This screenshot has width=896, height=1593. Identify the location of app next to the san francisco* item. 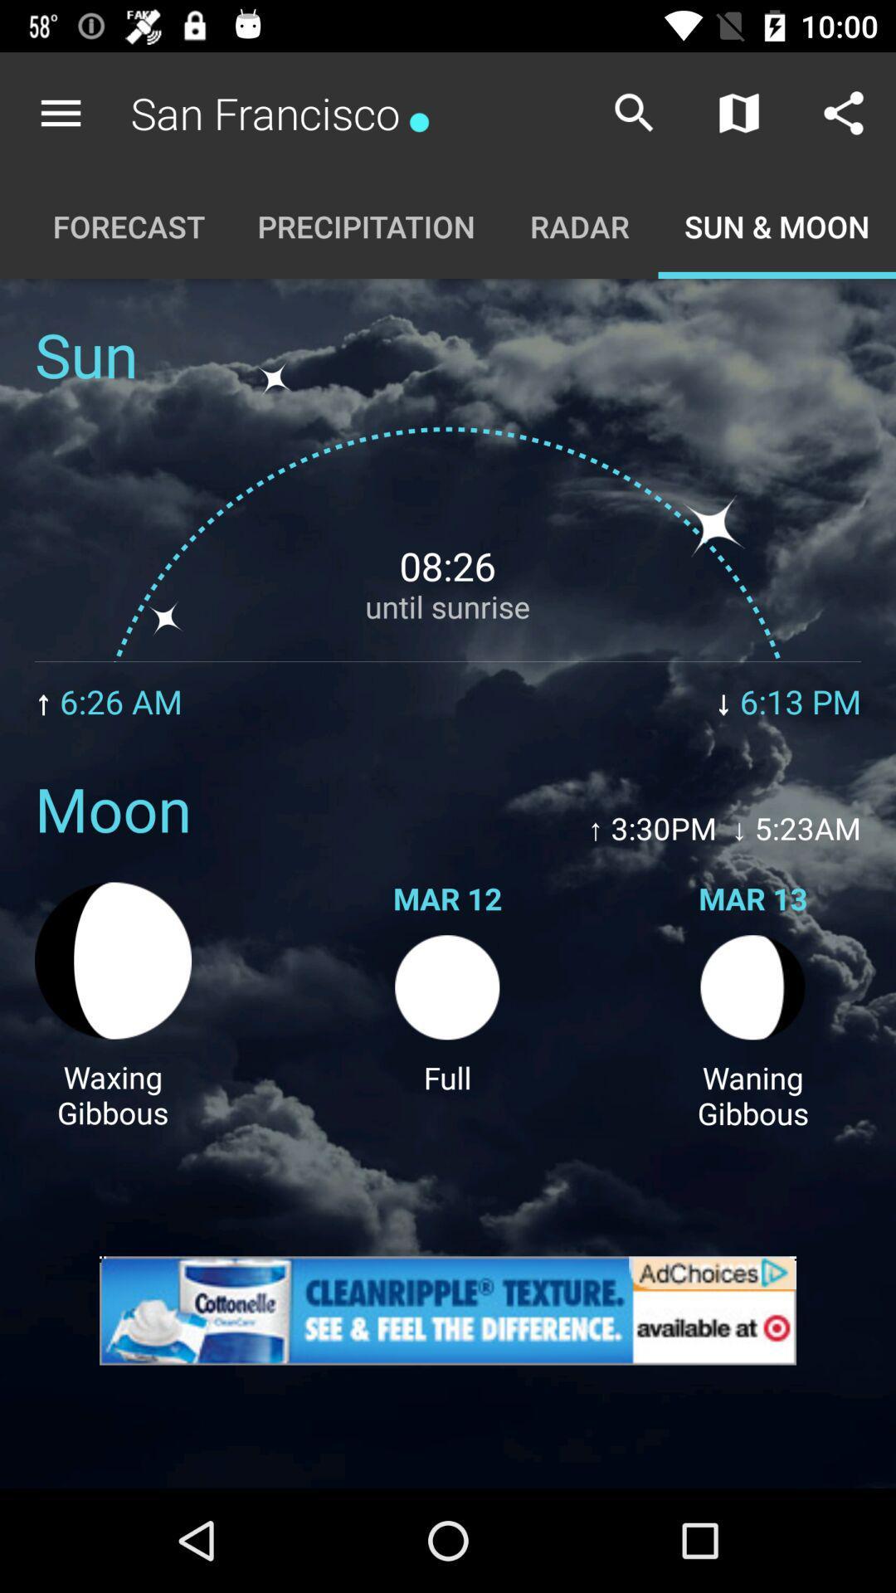
(634, 112).